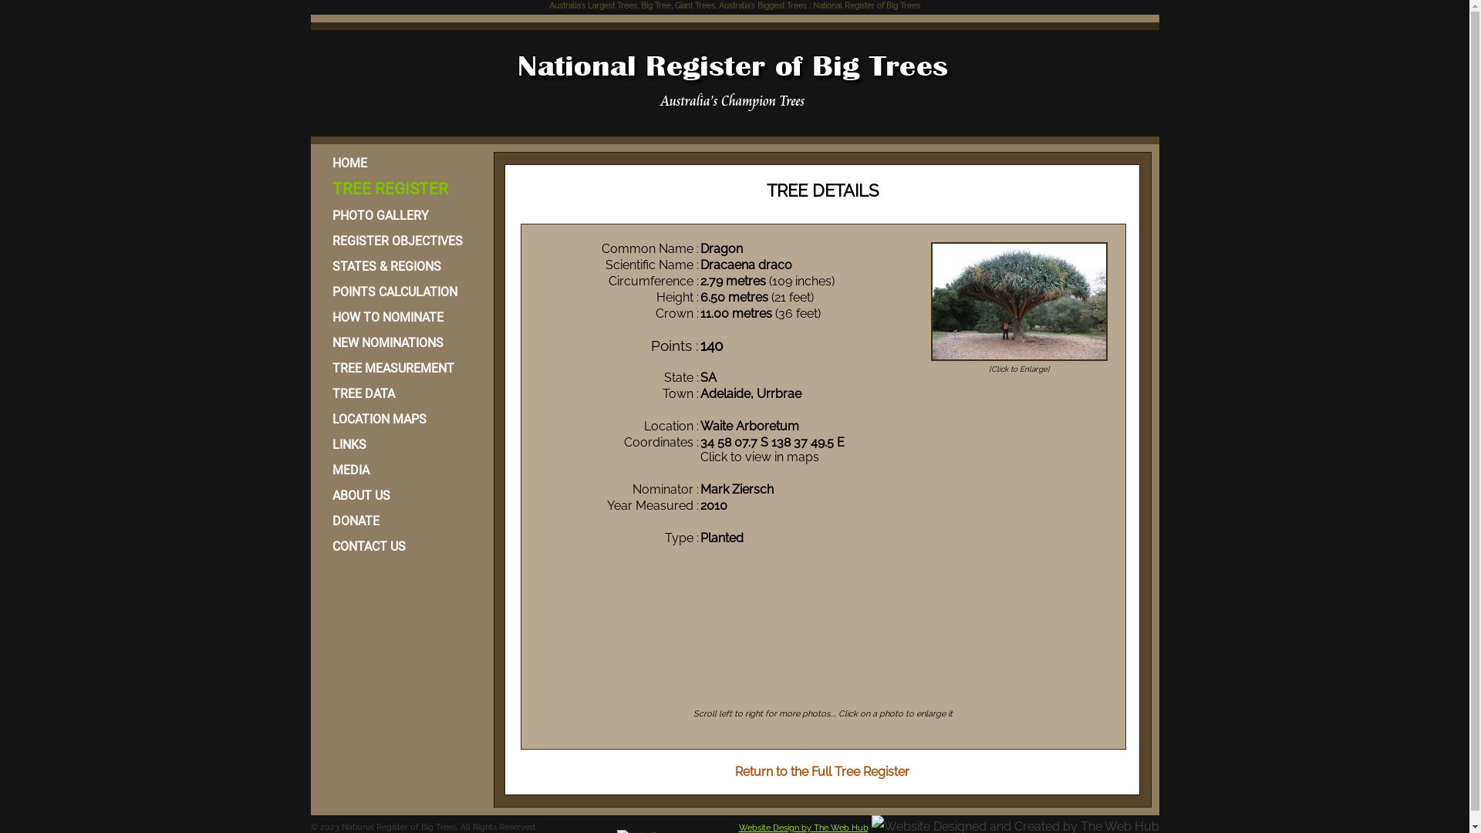 Image resolution: width=1481 pixels, height=833 pixels. What do you see at coordinates (400, 342) in the screenshot?
I see `'NEW NOMINATIONS'` at bounding box center [400, 342].